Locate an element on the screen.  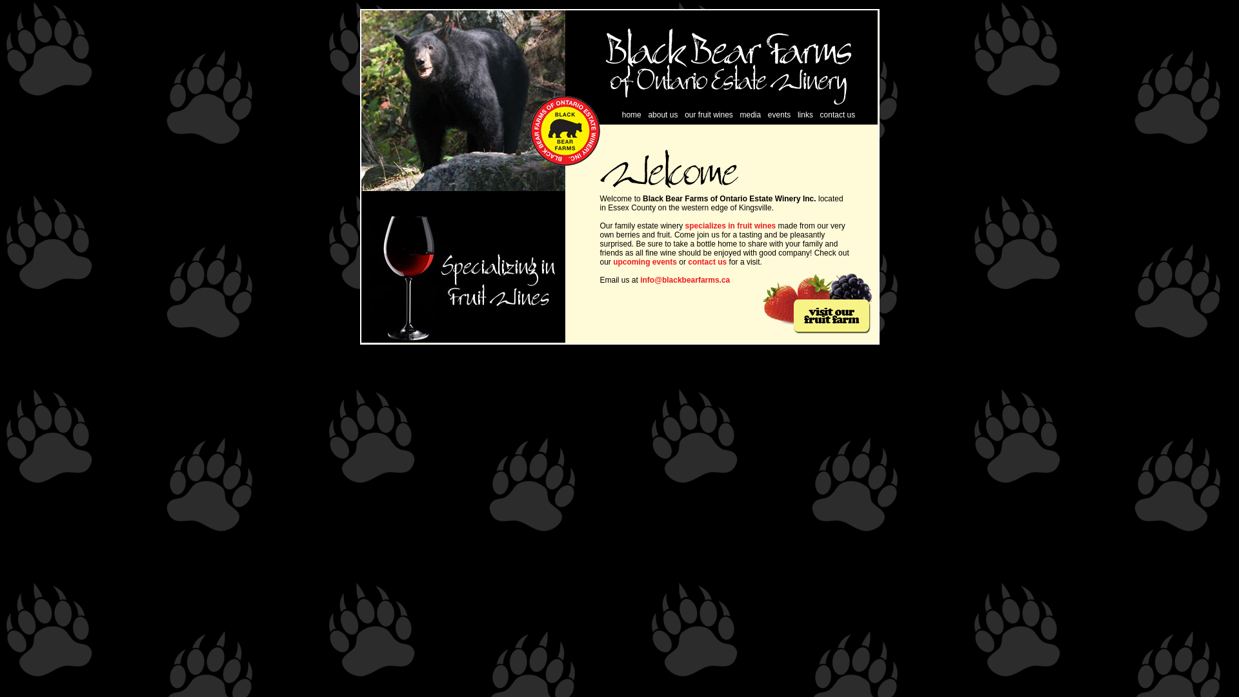
'info@blackbearfarms.ca' is located at coordinates (640, 279).